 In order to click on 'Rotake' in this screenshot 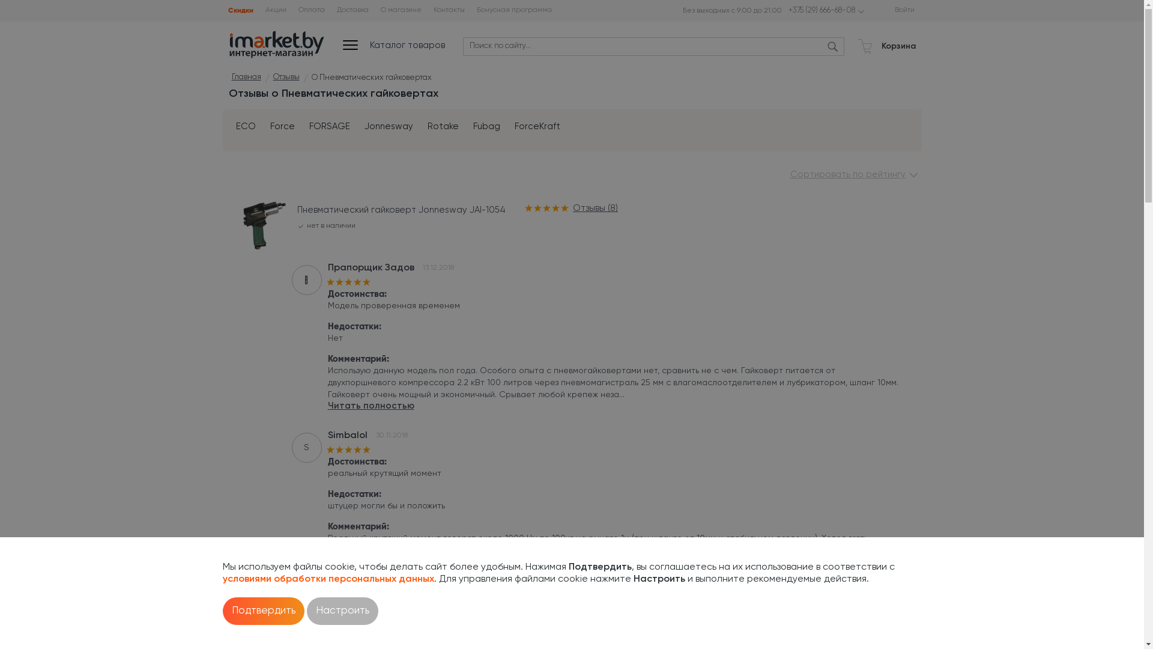, I will do `click(443, 127)`.